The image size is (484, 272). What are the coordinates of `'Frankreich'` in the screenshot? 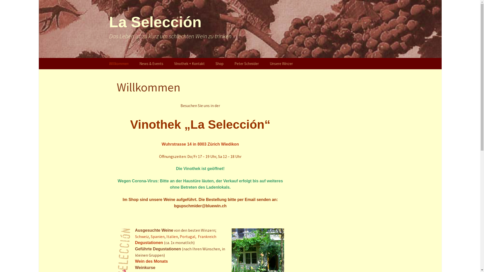 It's located at (197, 236).